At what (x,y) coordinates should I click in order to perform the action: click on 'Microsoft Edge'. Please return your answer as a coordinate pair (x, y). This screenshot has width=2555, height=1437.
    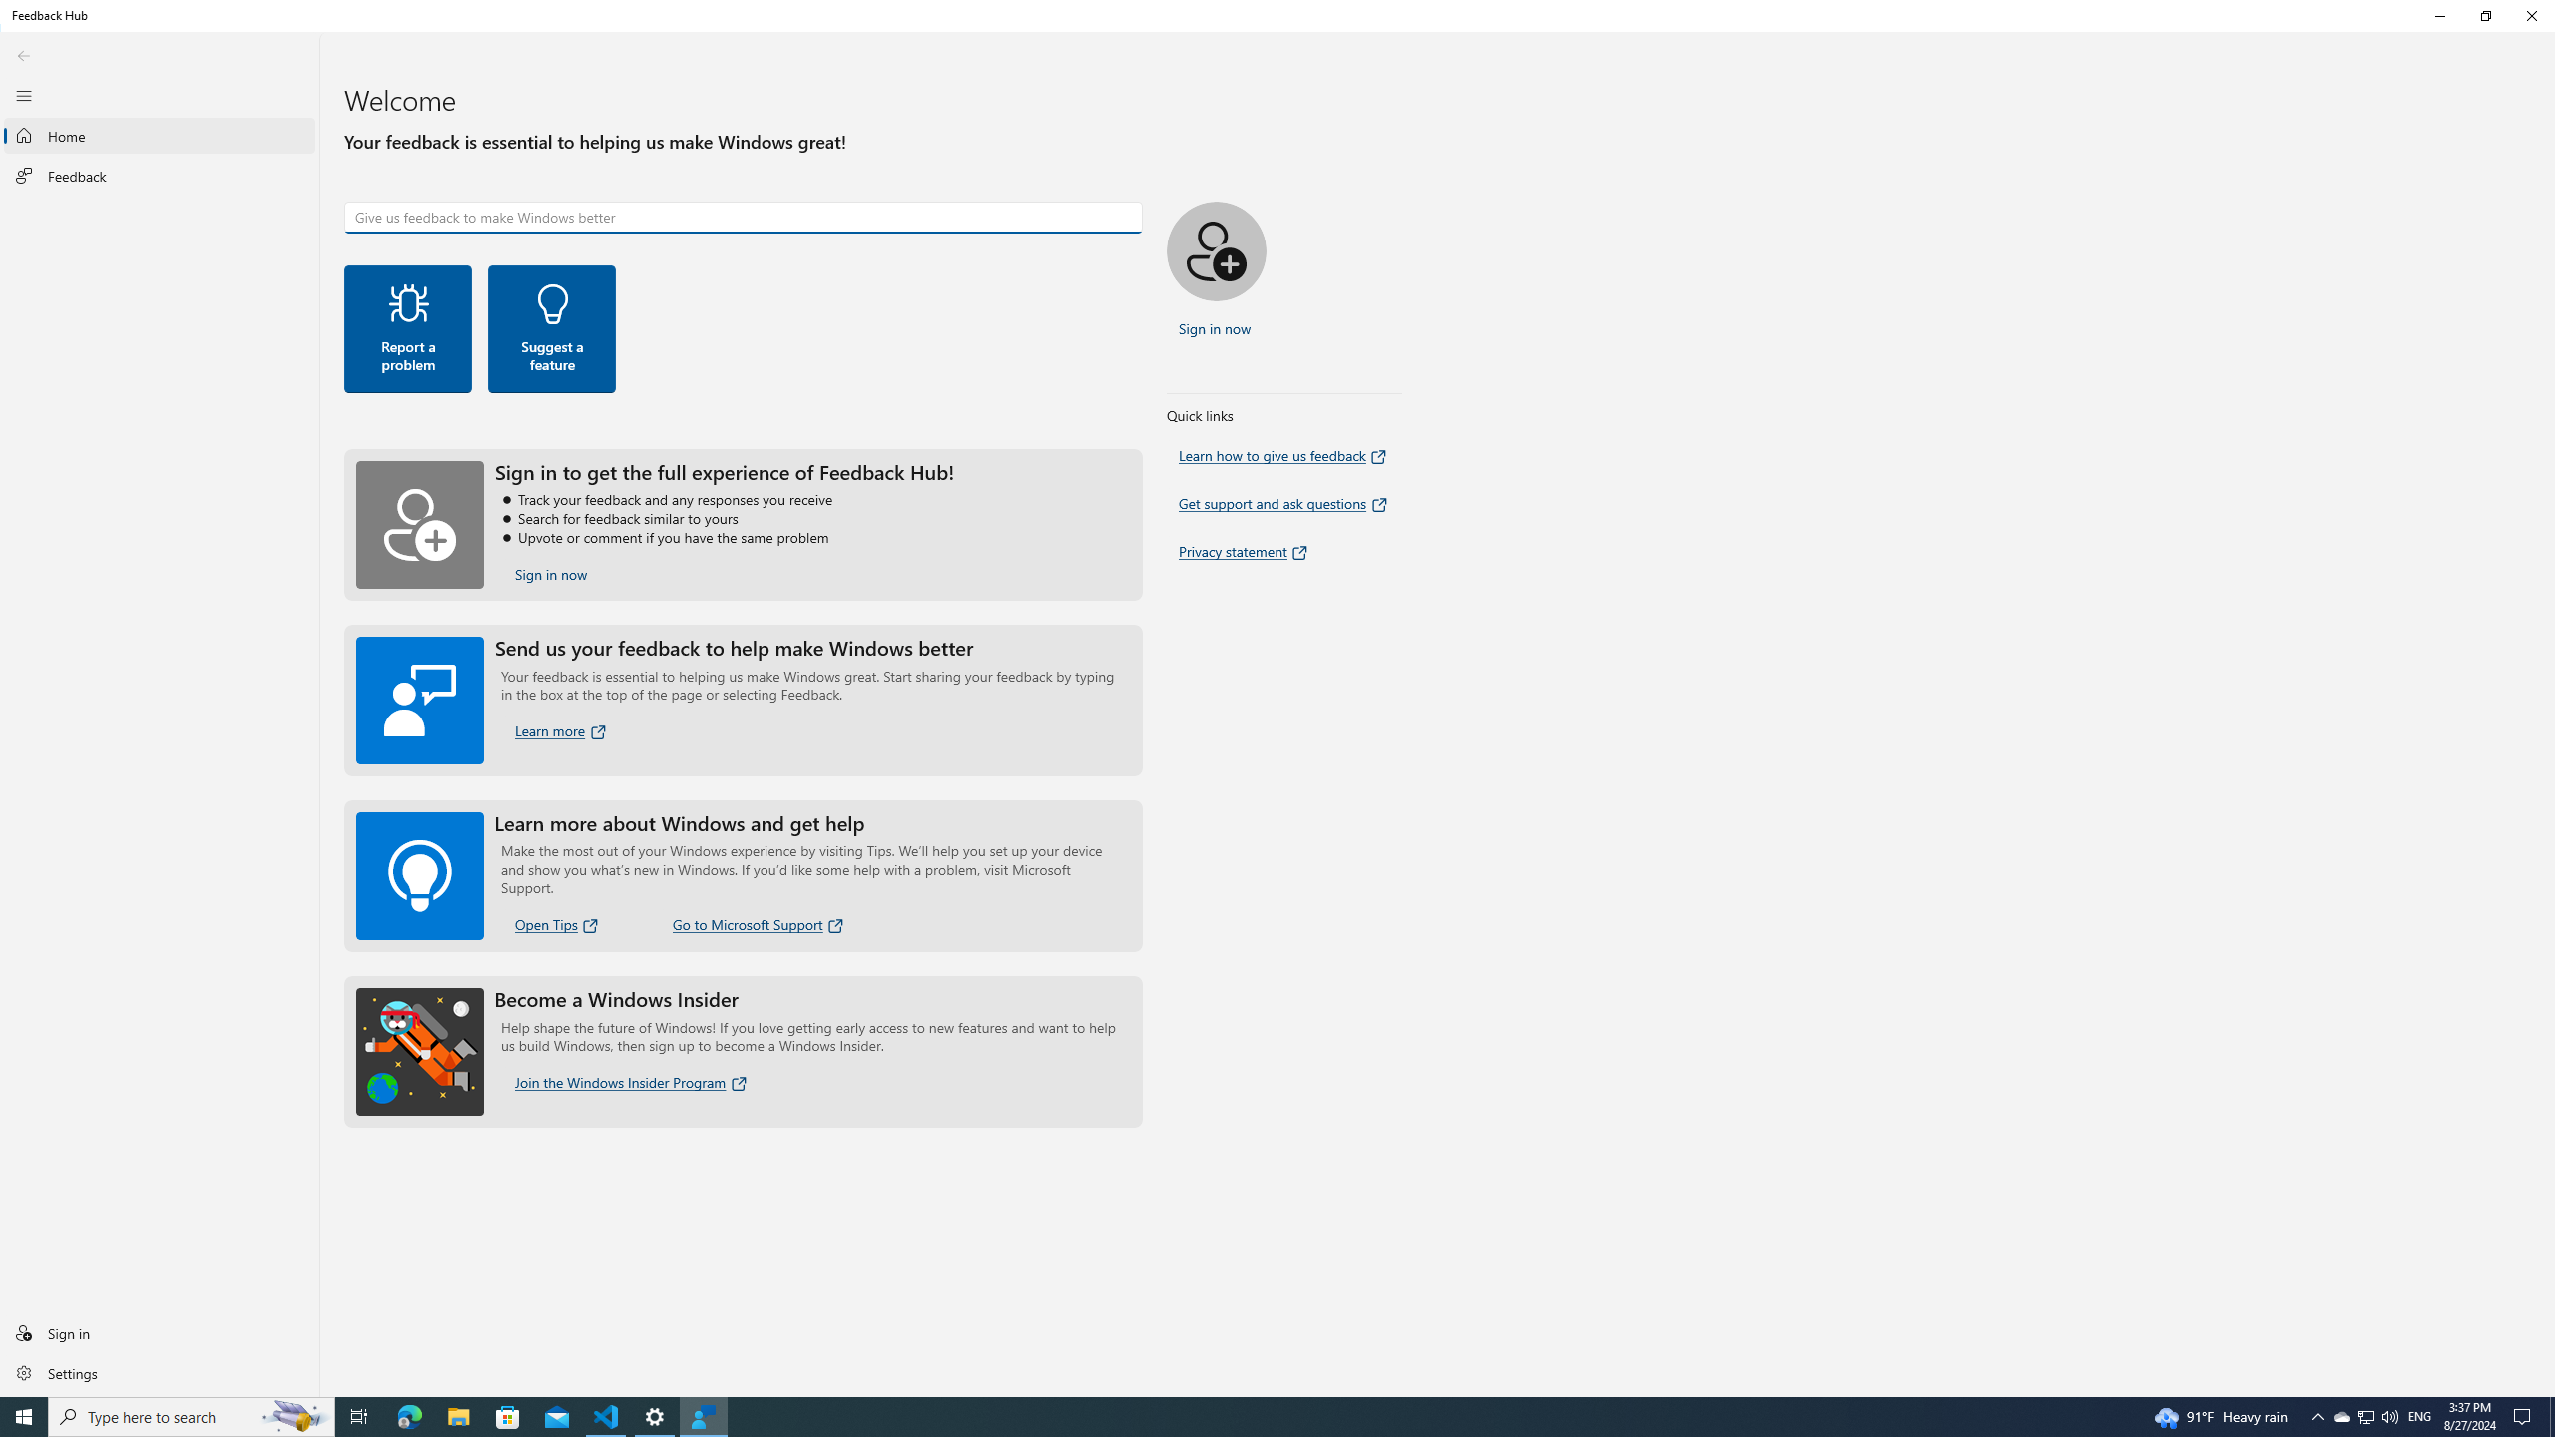
    Looking at the image, I should click on (408, 1415).